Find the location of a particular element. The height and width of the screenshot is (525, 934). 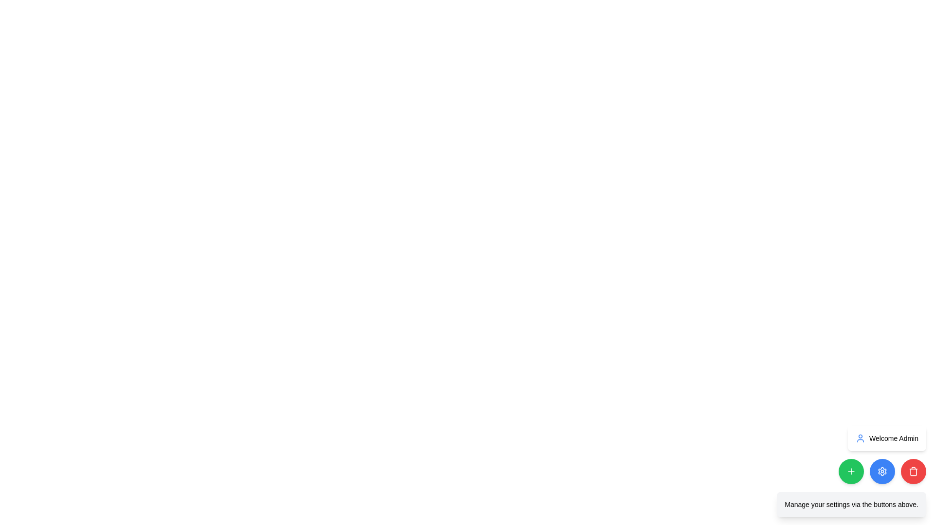

the 'Welcome Admin' label with a blue user avatar icon located at the bottom-right corner of the interface is located at coordinates (887, 438).